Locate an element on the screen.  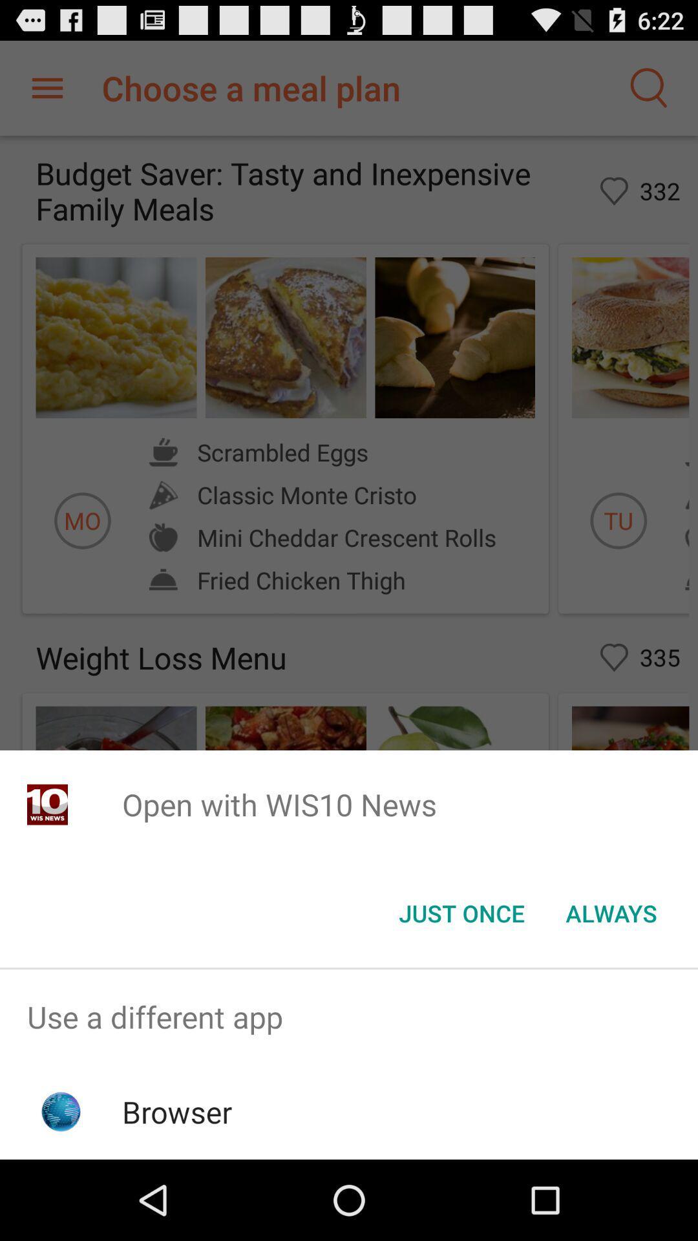
browser item is located at coordinates (177, 1111).